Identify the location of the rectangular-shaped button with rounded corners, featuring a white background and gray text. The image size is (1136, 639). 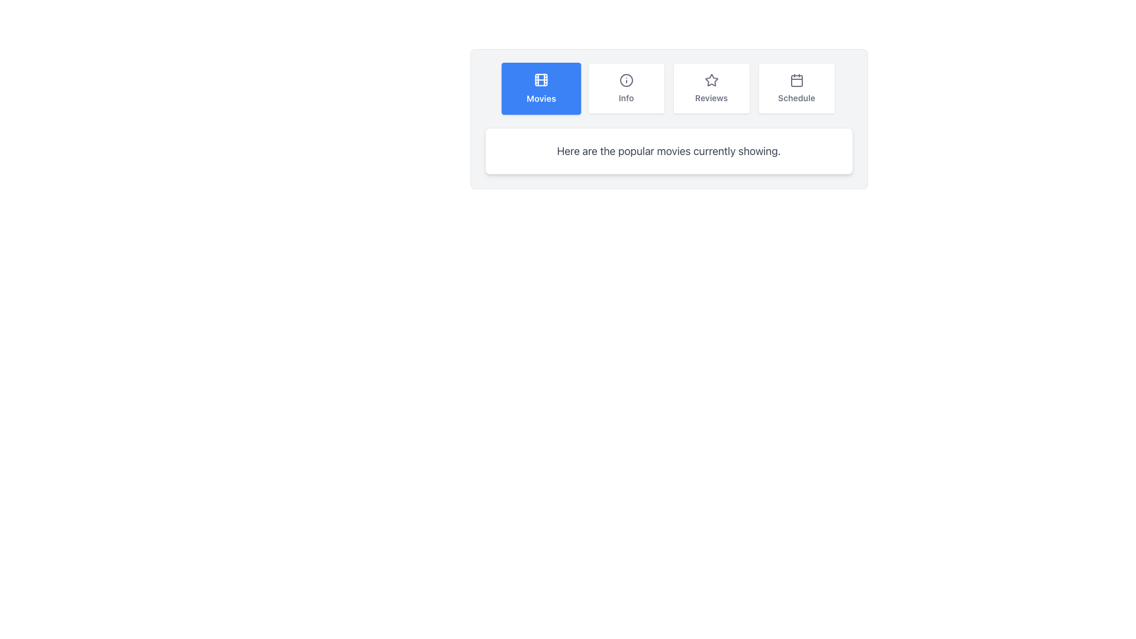
(625, 88).